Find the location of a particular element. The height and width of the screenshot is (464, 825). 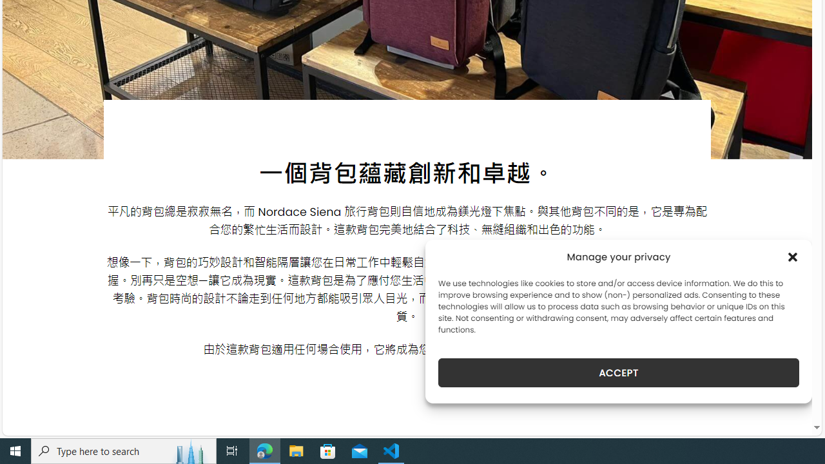

'Class: cmplz-close' is located at coordinates (792, 256).